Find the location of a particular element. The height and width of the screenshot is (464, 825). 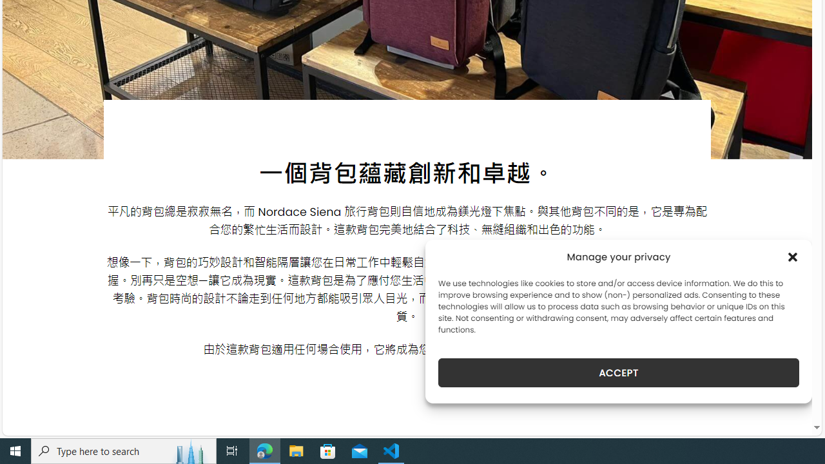

'Class: cmplz-close' is located at coordinates (792, 256).